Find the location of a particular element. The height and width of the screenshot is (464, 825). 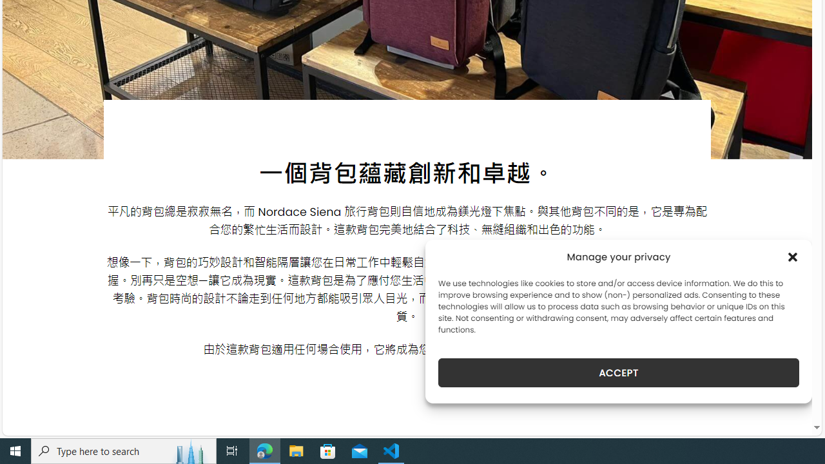

'Class: cmplz-close' is located at coordinates (792, 256).